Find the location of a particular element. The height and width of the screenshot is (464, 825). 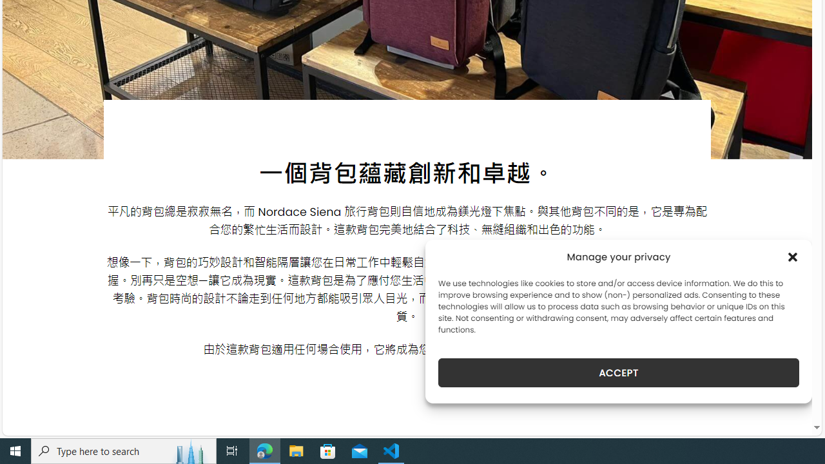

'Class: cmplz-close' is located at coordinates (792, 256).